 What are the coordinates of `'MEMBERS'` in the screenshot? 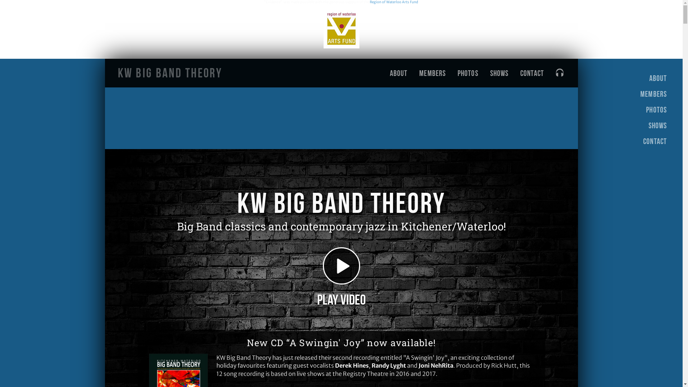 It's located at (635, 94).